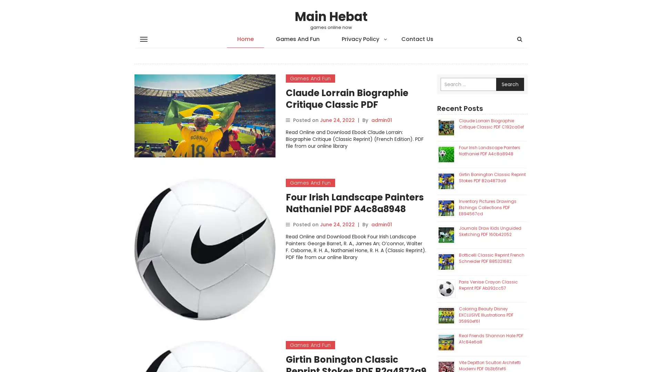  Describe the element at coordinates (510, 84) in the screenshot. I see `Search` at that location.